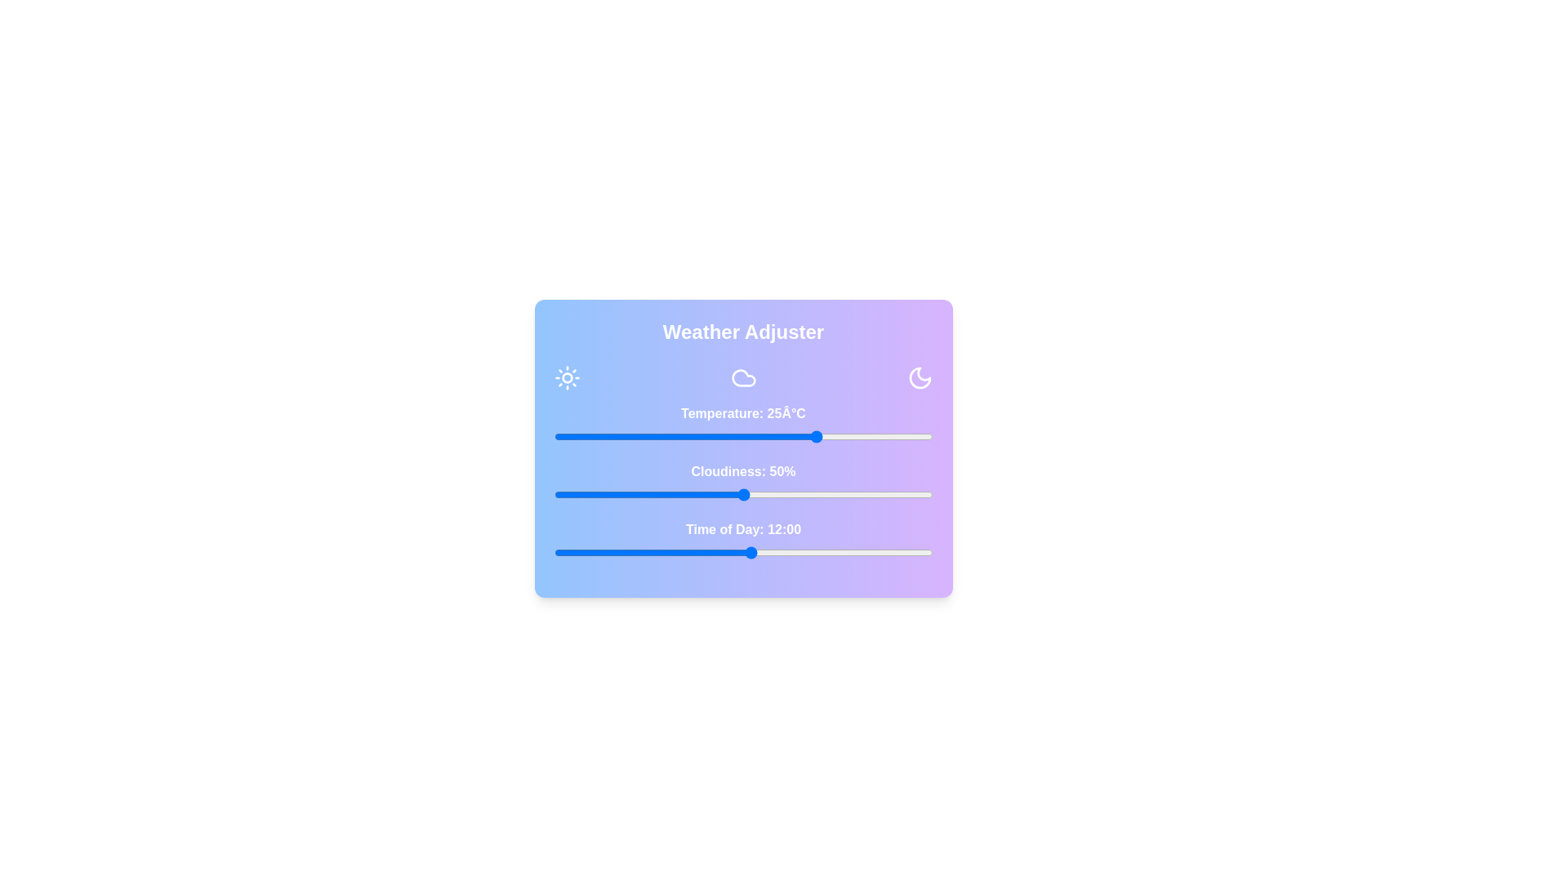 Image resolution: width=1568 pixels, height=882 pixels. I want to click on the cloudiness level, so click(849, 493).